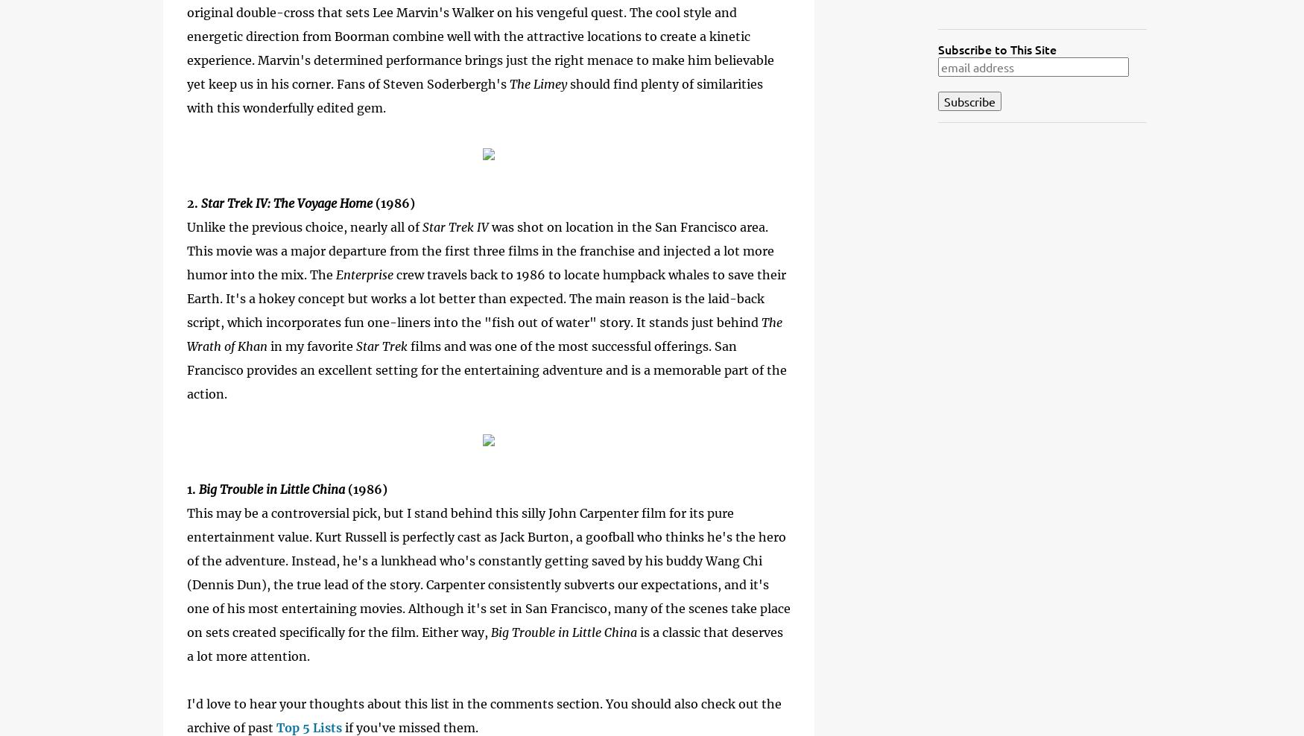 Image resolution: width=1304 pixels, height=736 pixels. I want to click on '2.', so click(193, 202).